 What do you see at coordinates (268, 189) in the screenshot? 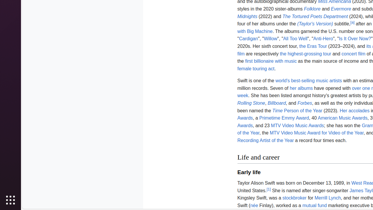
I see `'[1]'` at bounding box center [268, 189].